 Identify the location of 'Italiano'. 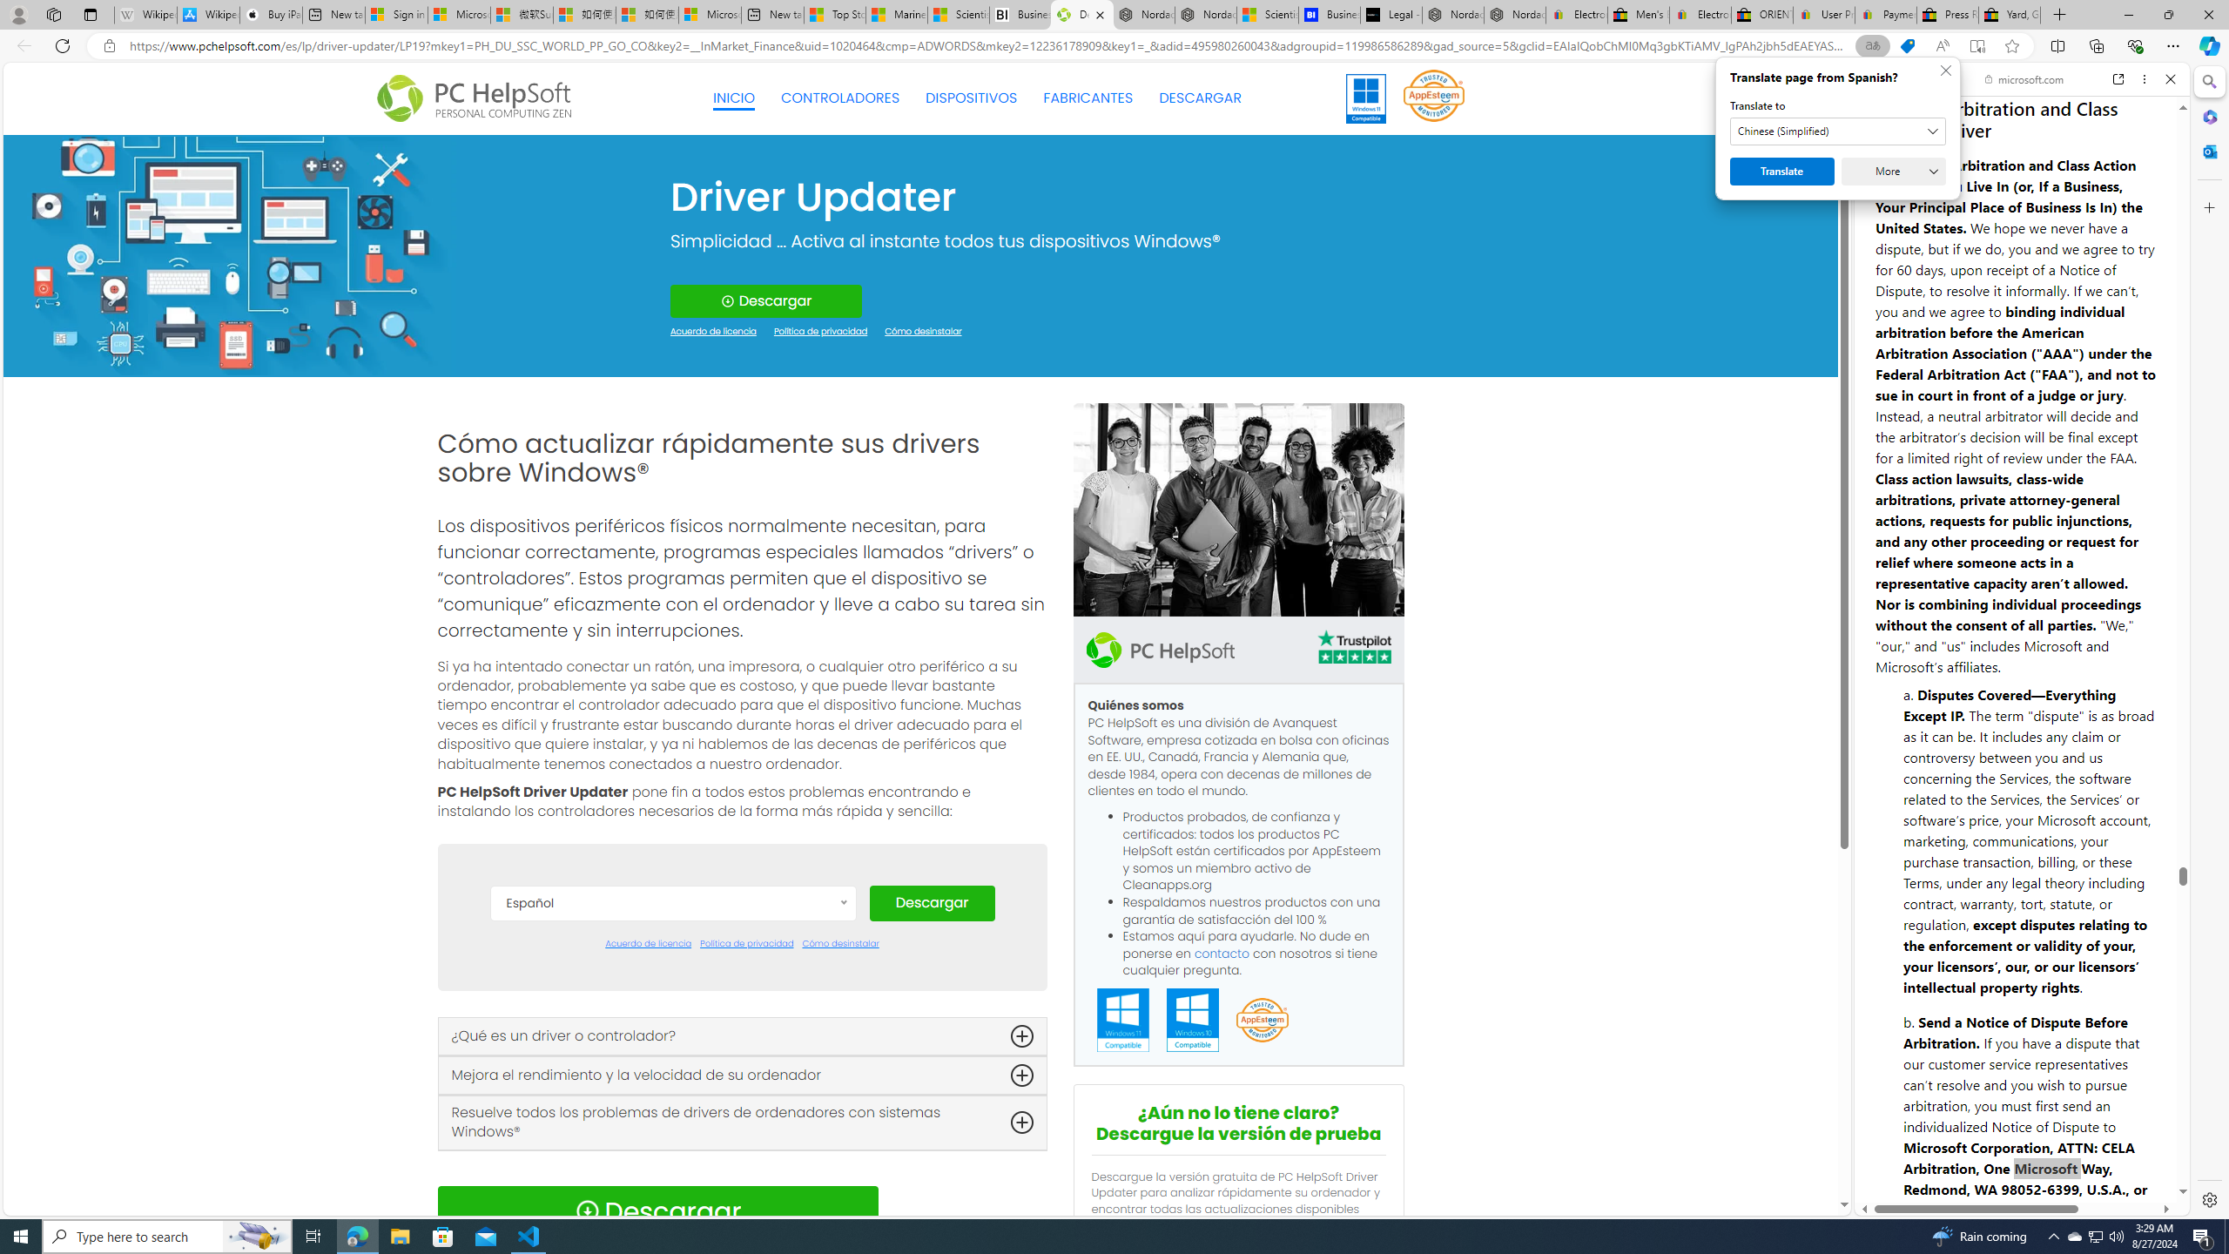
(673, 1142).